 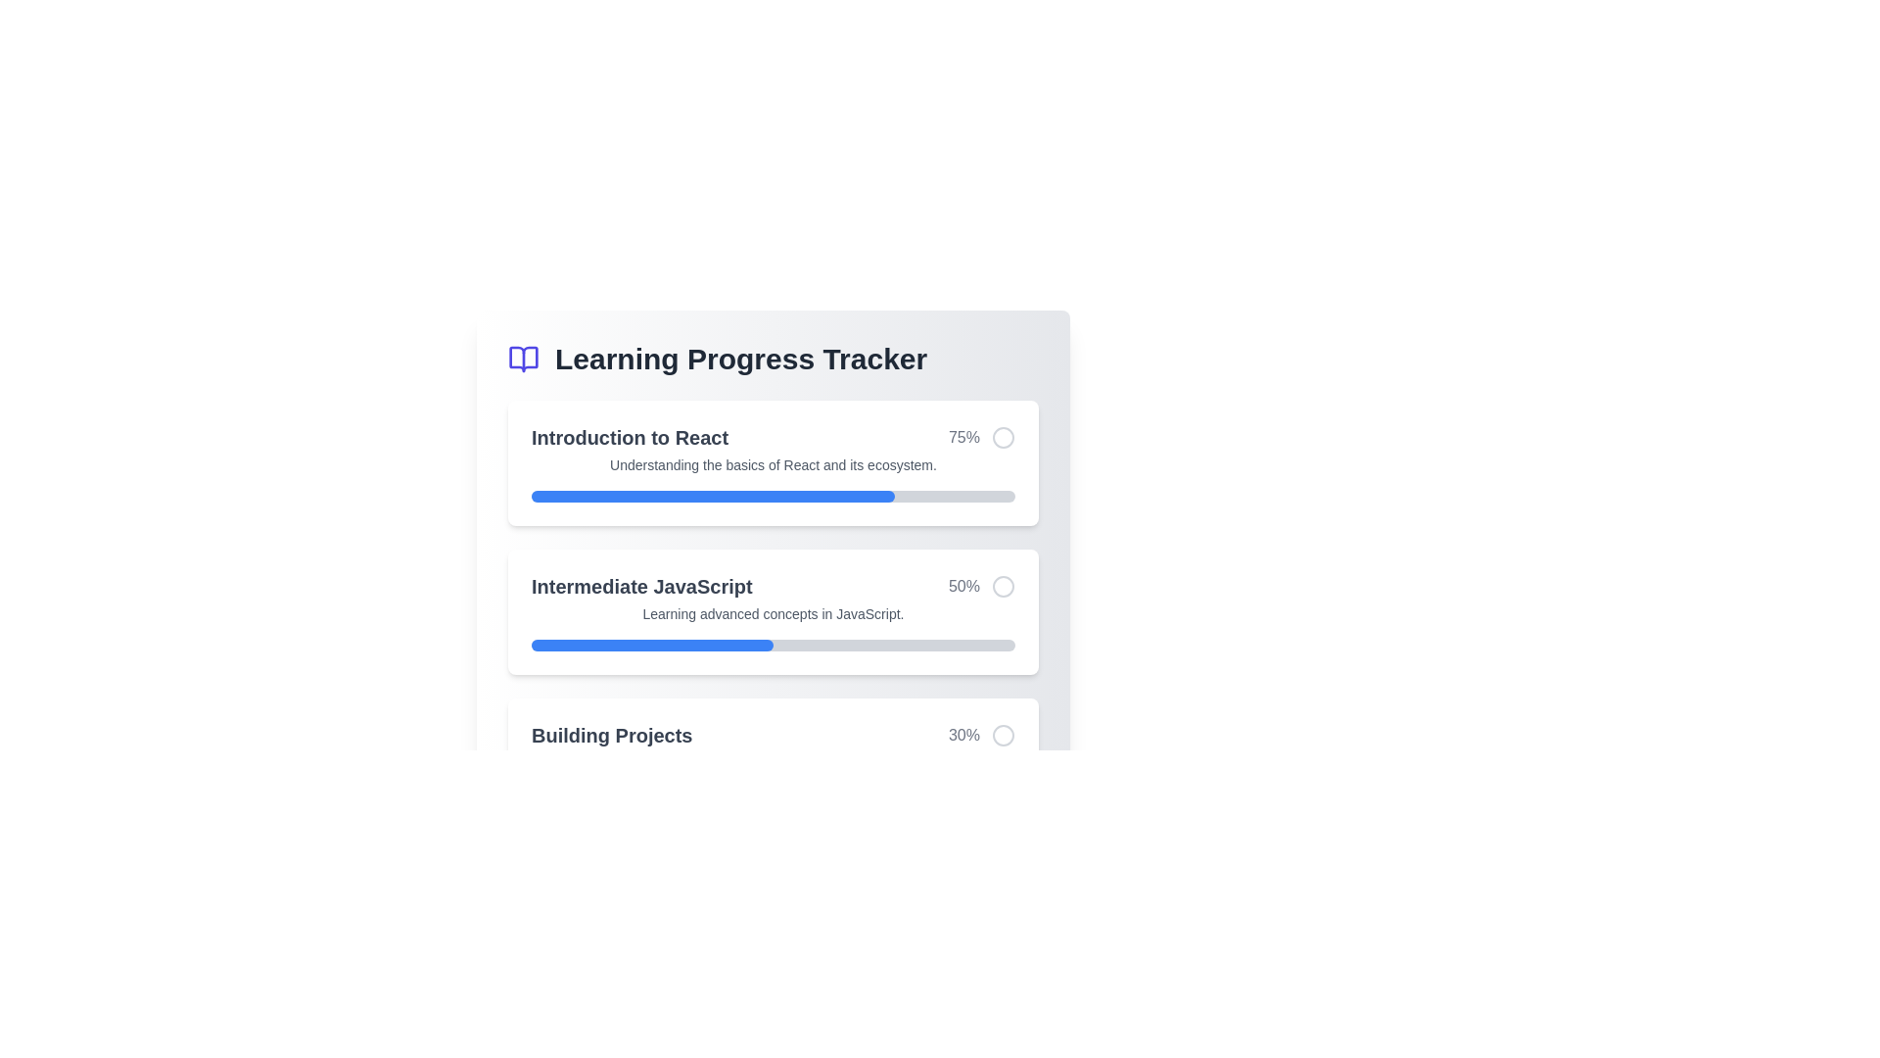 I want to click on the heading titled 'Introduction to React' located at the top-left part of a card layout within a list of progress cards, so click(x=630, y=437).